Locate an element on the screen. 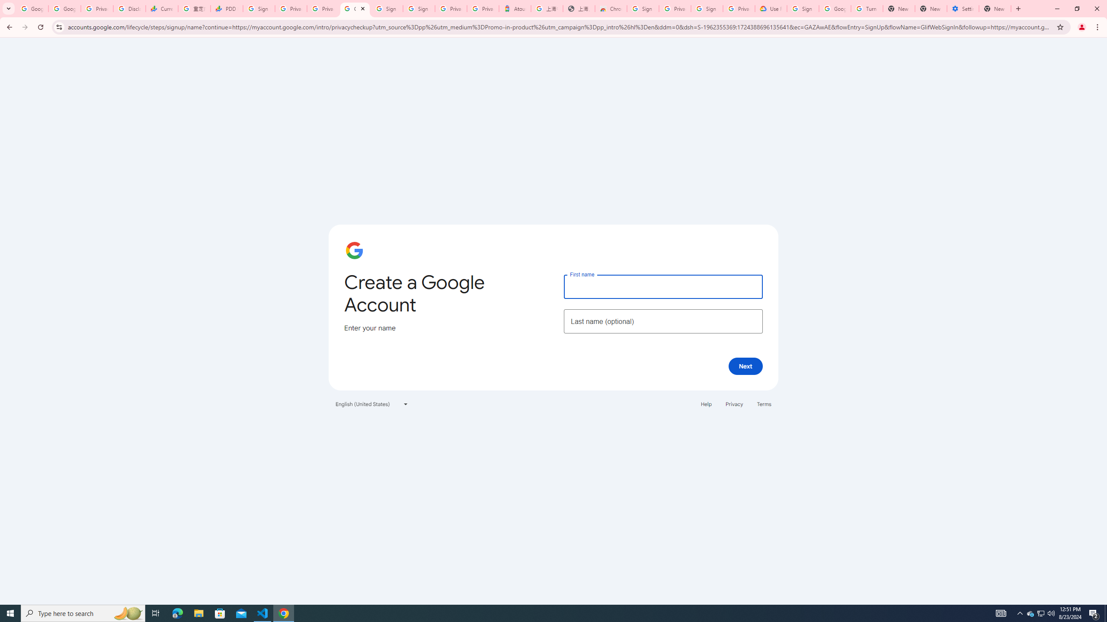  'Chrome' is located at coordinates (1098, 27).